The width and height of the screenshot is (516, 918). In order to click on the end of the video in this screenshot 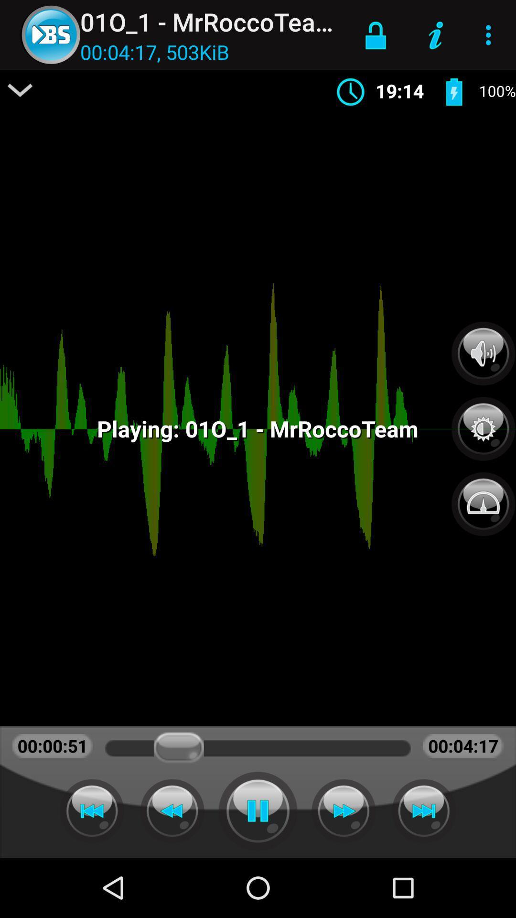, I will do `click(423, 810)`.